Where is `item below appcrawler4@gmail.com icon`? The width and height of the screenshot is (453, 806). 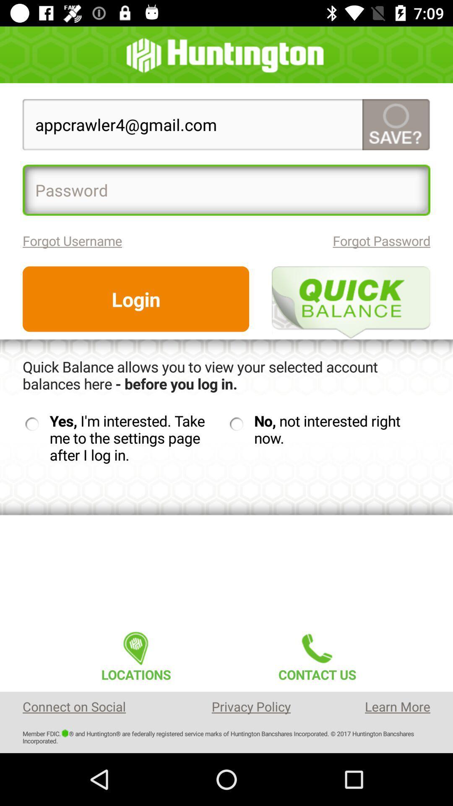
item below appcrawler4@gmail.com icon is located at coordinates (226, 189).